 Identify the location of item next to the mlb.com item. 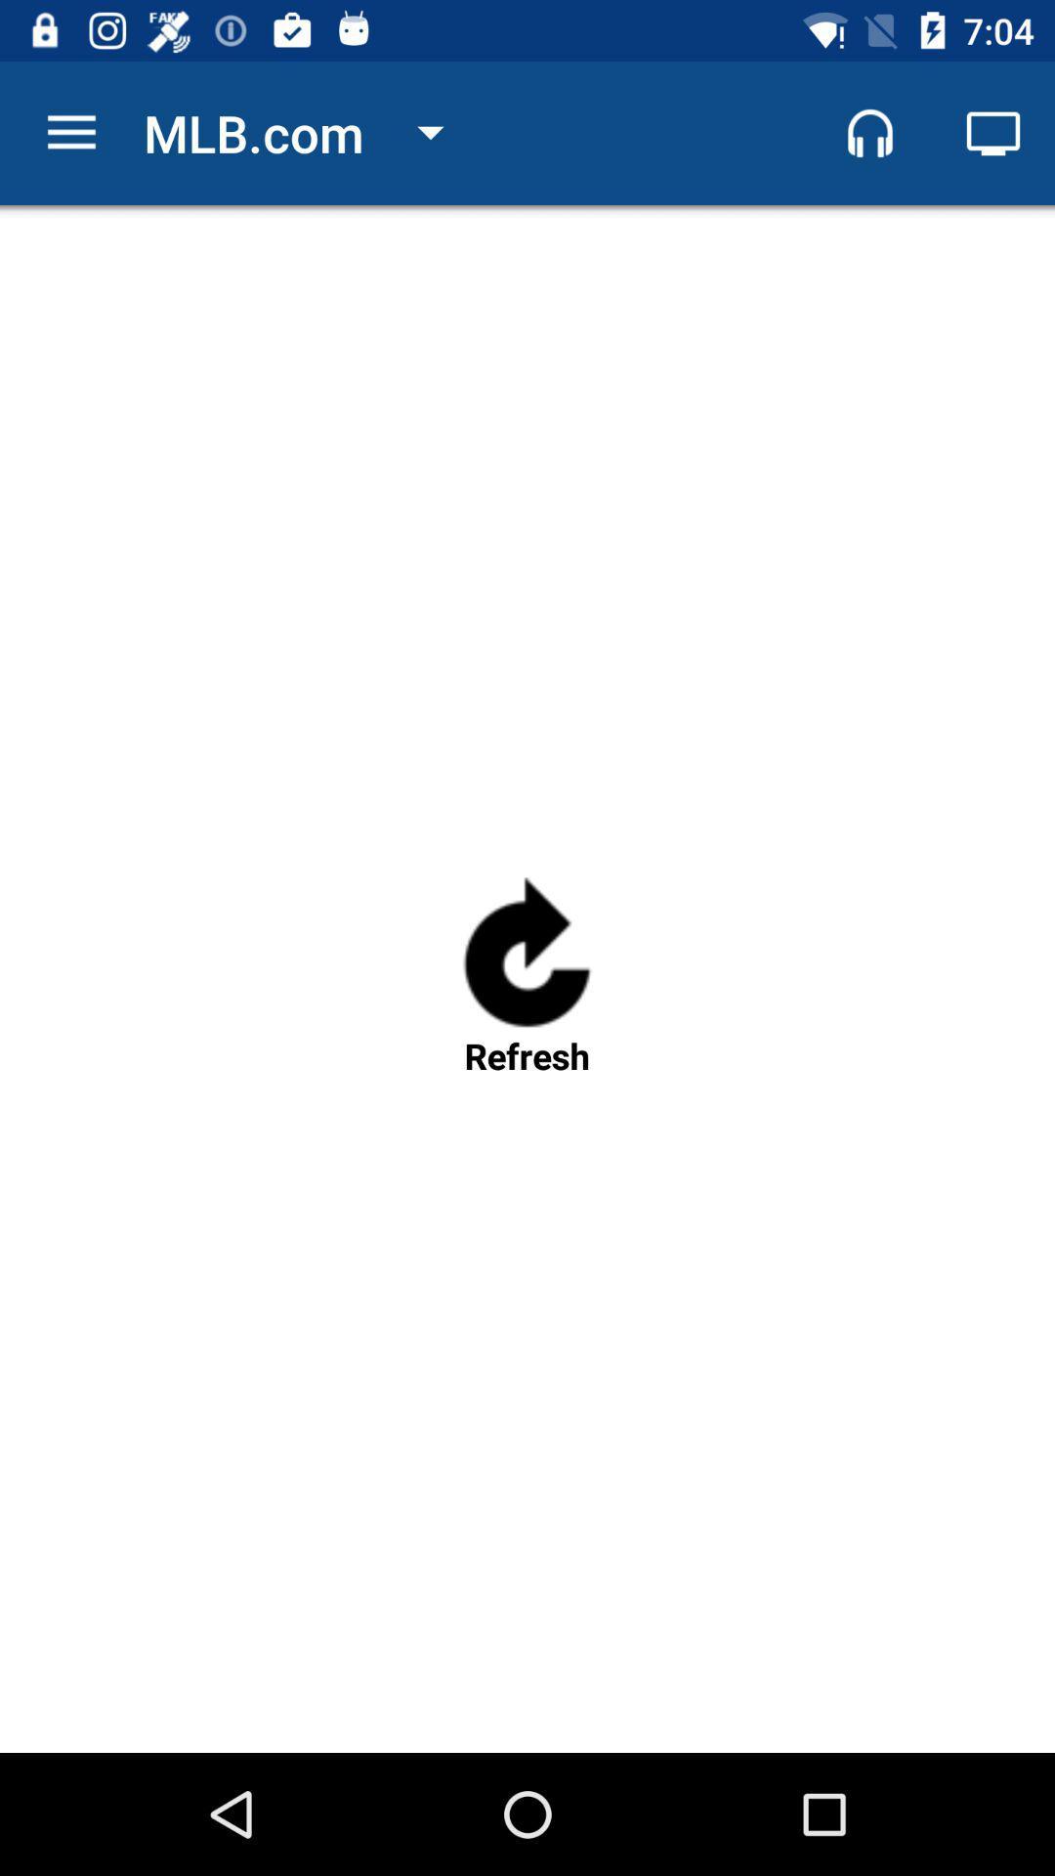
(70, 132).